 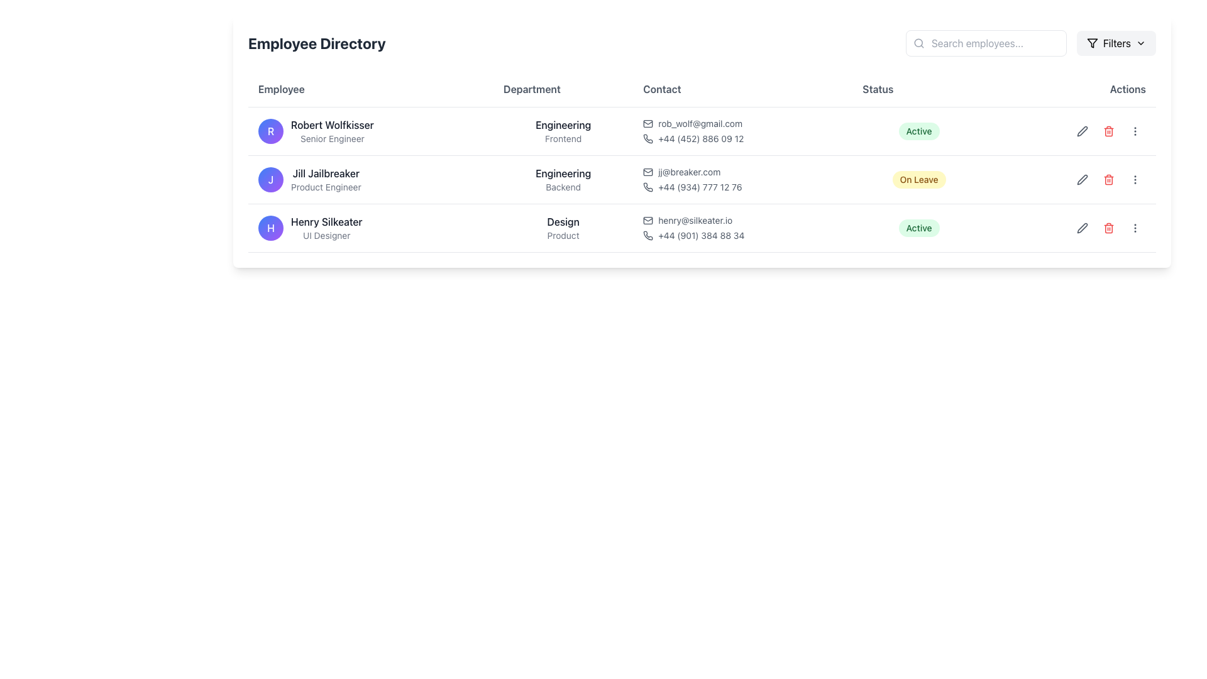 What do you see at coordinates (370, 179) in the screenshot?
I see `the profile display entry for 'Jill Jailbreaker', a Product Engineer, located in the second row of the employee directory, adjacent to department and contact columns` at bounding box center [370, 179].